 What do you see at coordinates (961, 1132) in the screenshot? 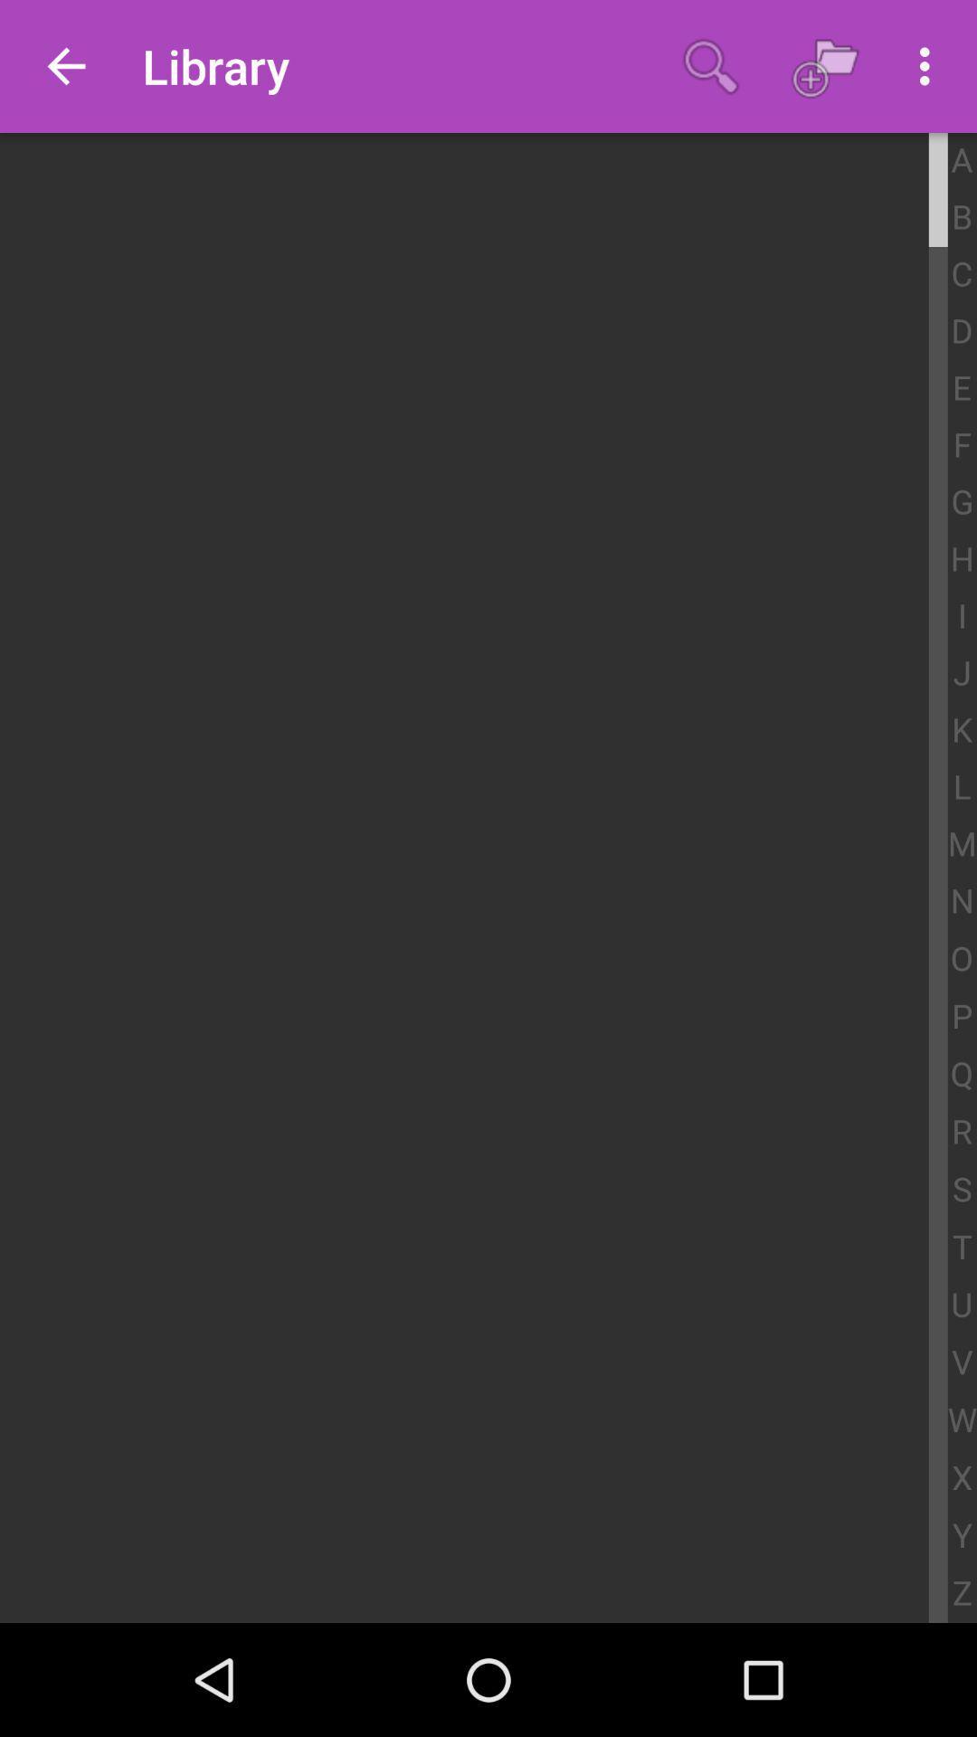
I see `app above s app` at bounding box center [961, 1132].